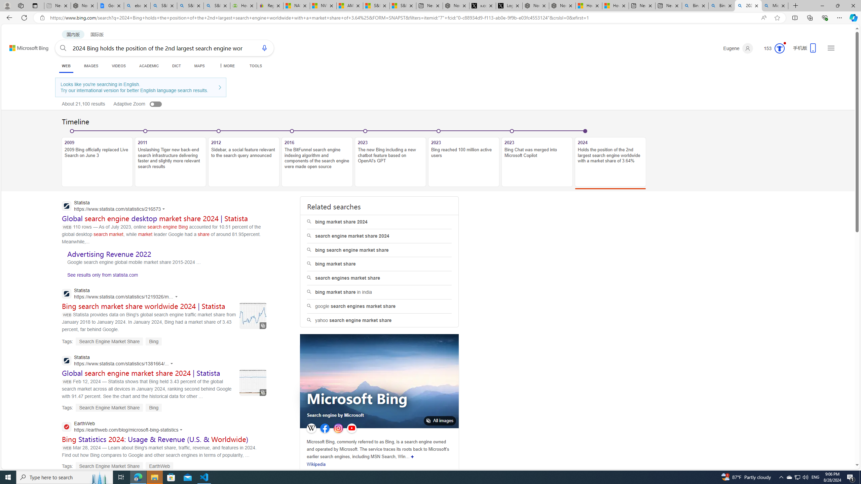  I want to click on 'Settings and quick links', so click(831, 47).